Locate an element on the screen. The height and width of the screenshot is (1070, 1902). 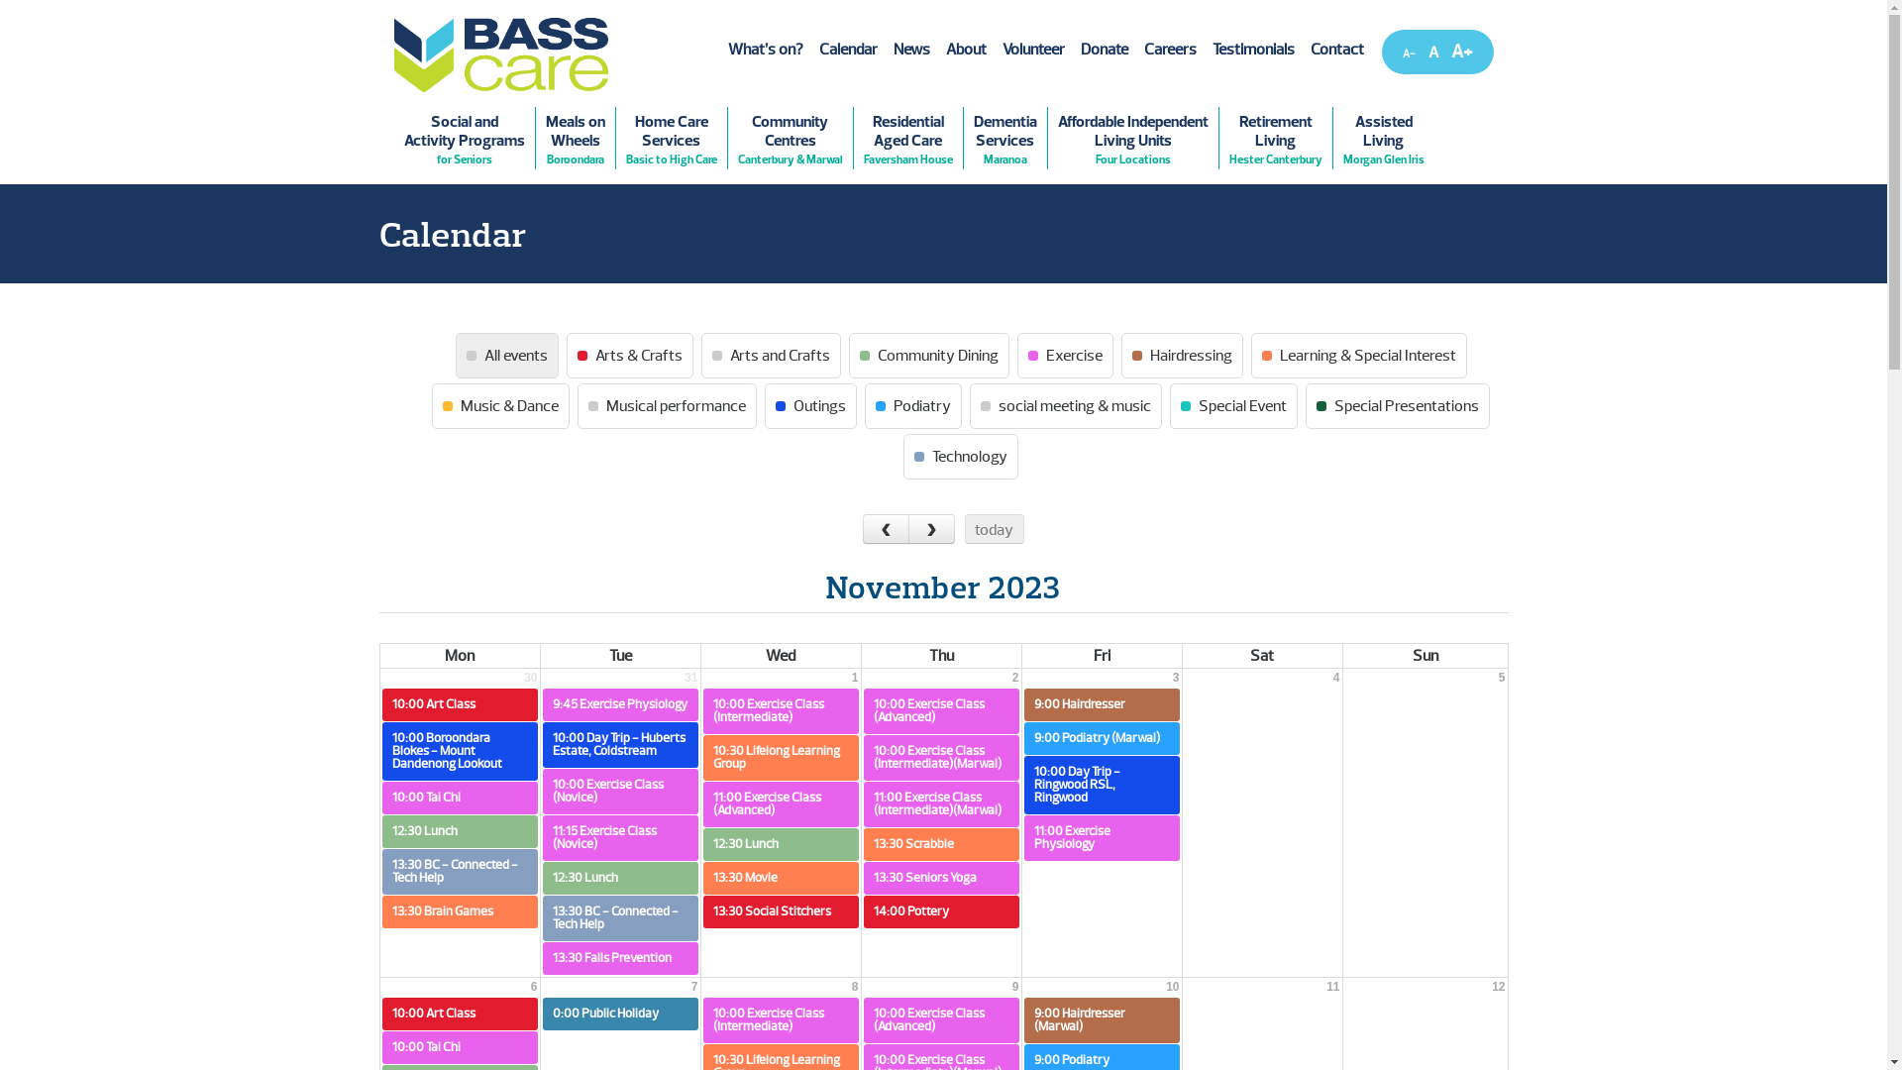
'About' is located at coordinates (965, 49).